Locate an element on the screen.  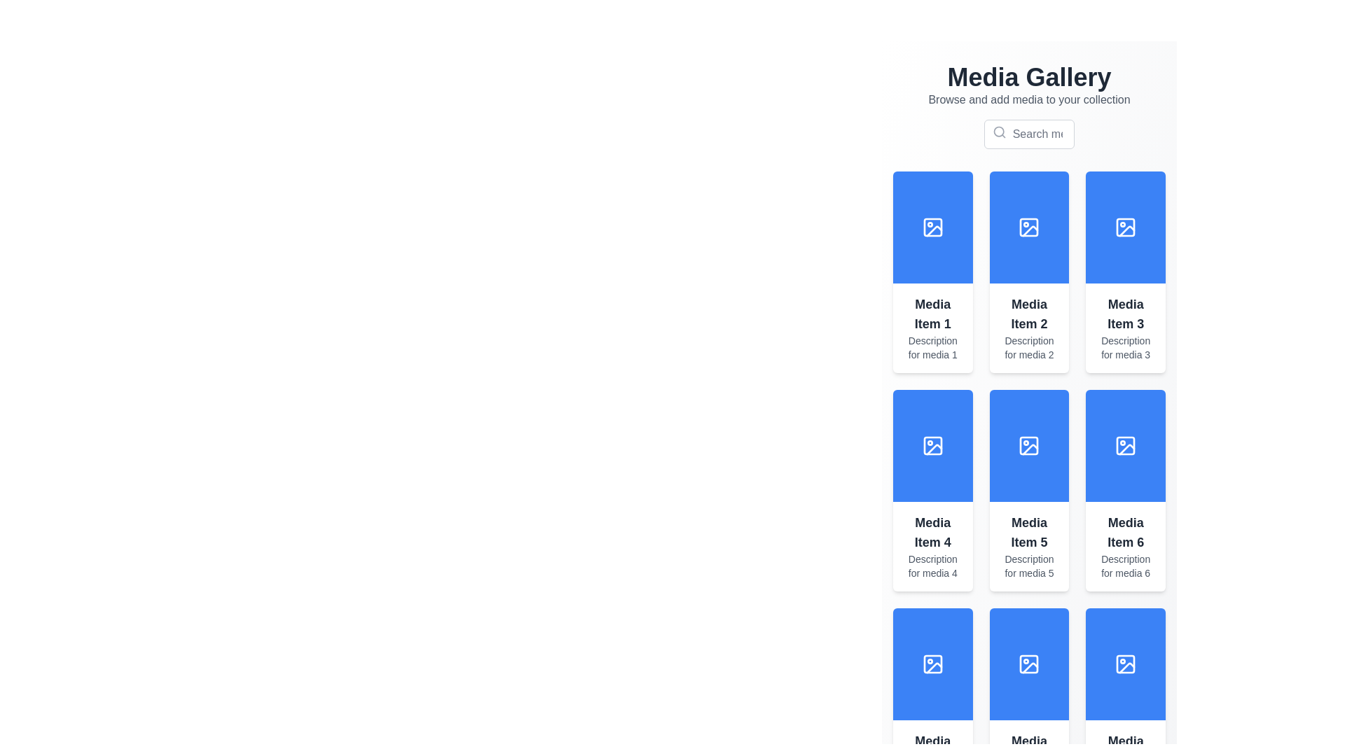
the details of the Information Card labeled 'Media Item 4', which is located in the second row and the first column of the grid layout, directly under 'Media Item 1' is located at coordinates (932, 490).